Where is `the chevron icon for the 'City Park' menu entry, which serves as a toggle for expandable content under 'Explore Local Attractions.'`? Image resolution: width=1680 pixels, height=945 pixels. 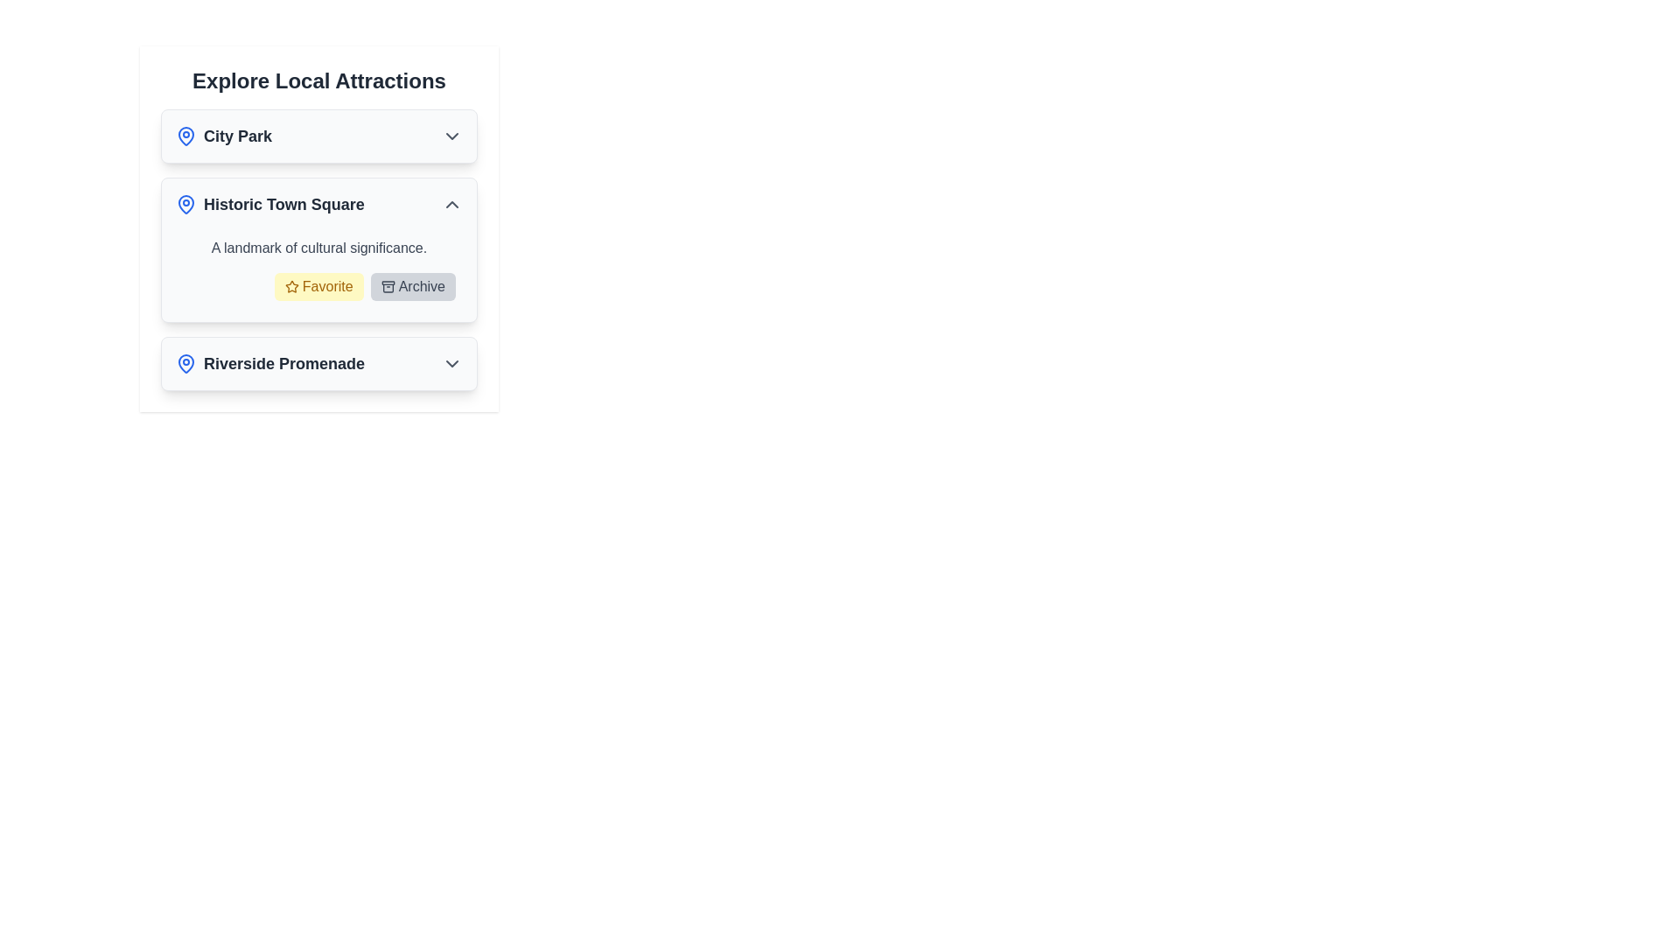 the chevron icon for the 'City Park' menu entry, which serves as a toggle for expandable content under 'Explore Local Attractions.' is located at coordinates (452, 135).